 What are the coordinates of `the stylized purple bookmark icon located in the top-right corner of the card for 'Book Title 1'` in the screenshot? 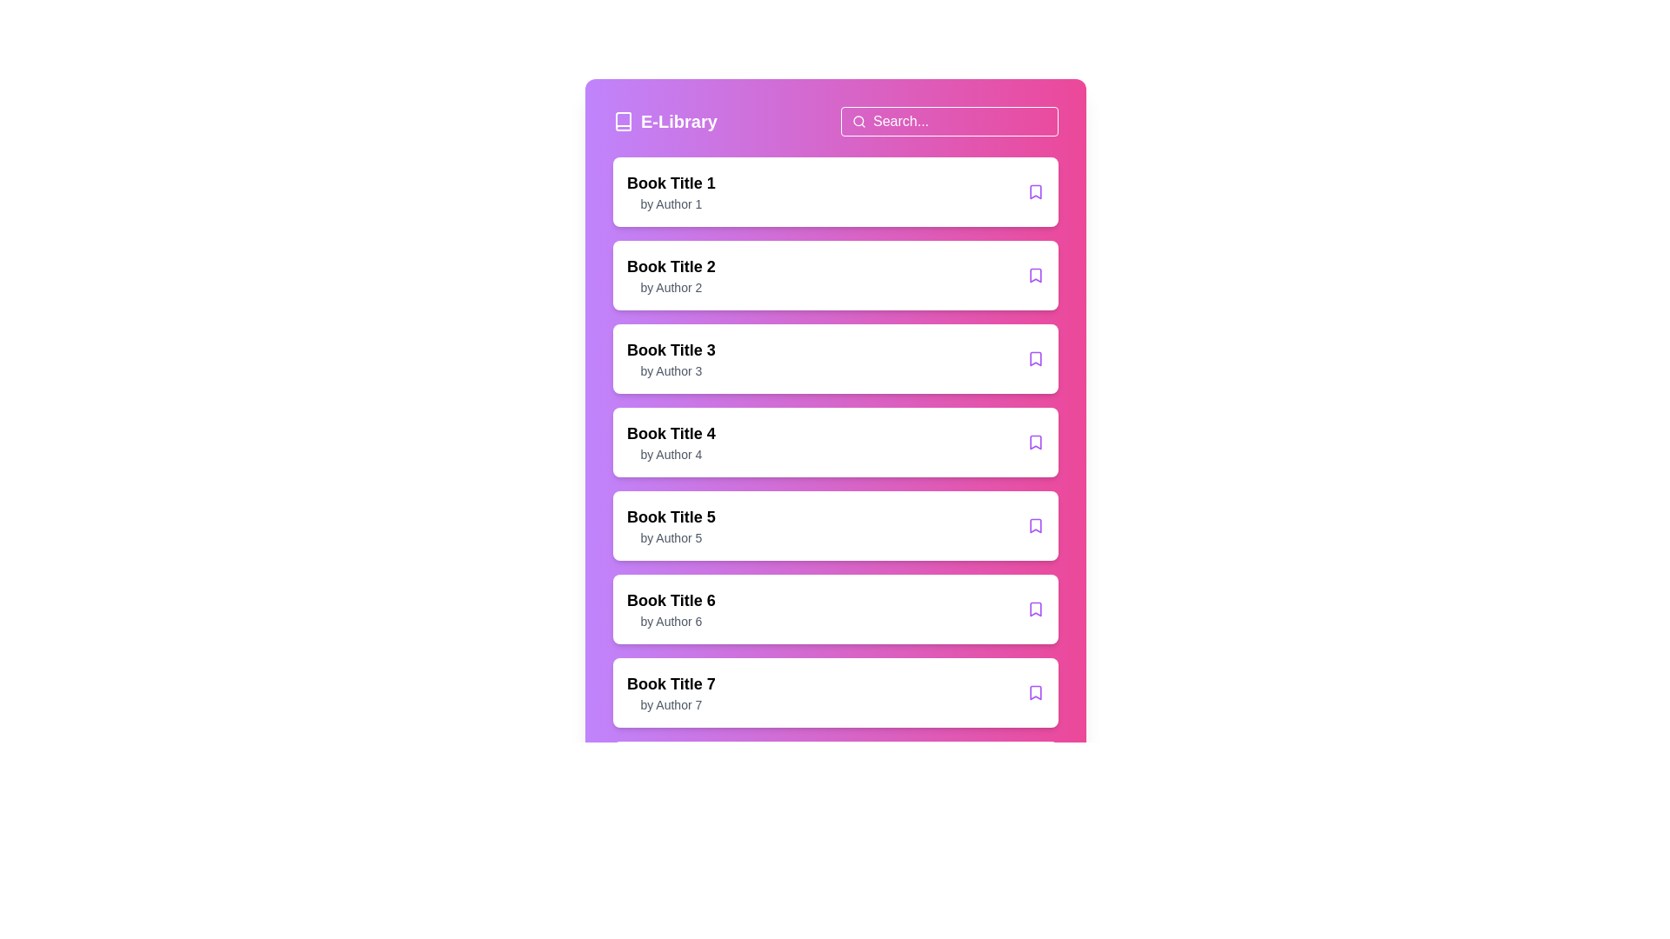 It's located at (1035, 191).